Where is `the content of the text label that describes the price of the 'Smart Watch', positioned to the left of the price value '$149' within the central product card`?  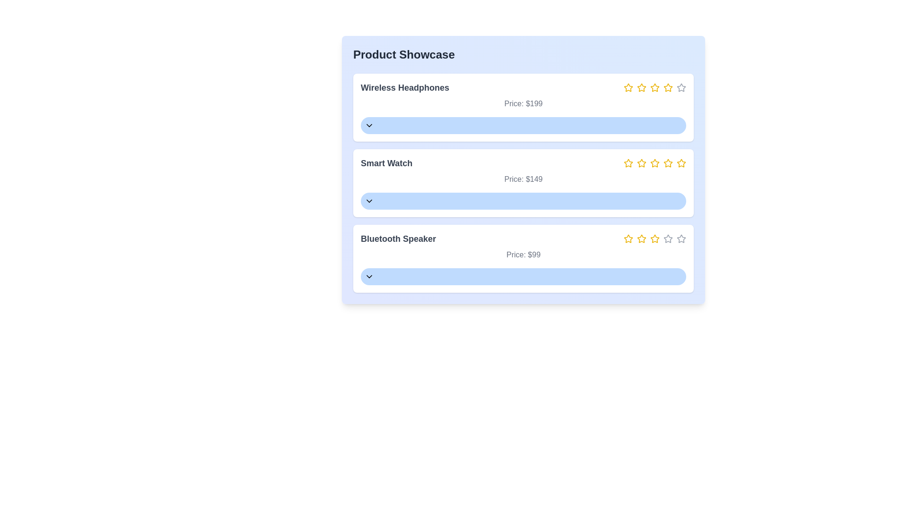
the content of the text label that describes the price of the 'Smart Watch', positioned to the left of the price value '$149' within the central product card is located at coordinates (513, 179).